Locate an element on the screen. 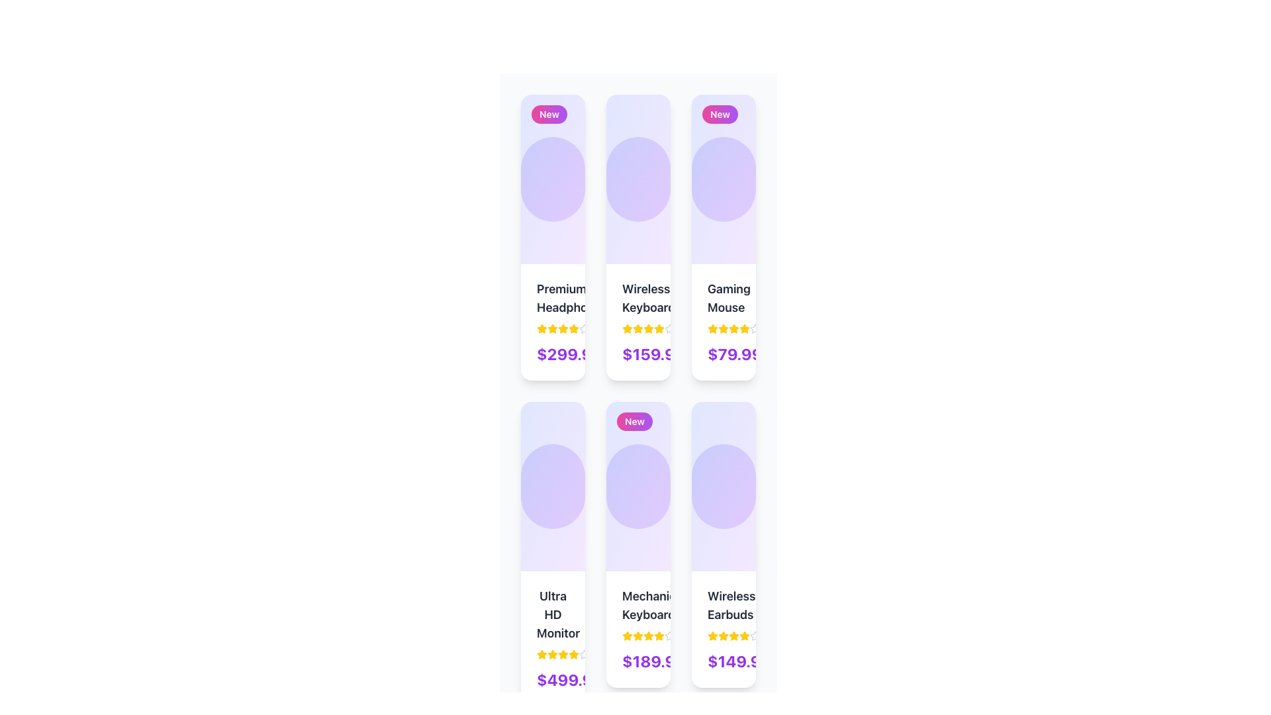  the price text label for 'Premium Headphones', which is located in the first card of the top row, below the ratings section and to the left of other elements is located at coordinates (553, 354).